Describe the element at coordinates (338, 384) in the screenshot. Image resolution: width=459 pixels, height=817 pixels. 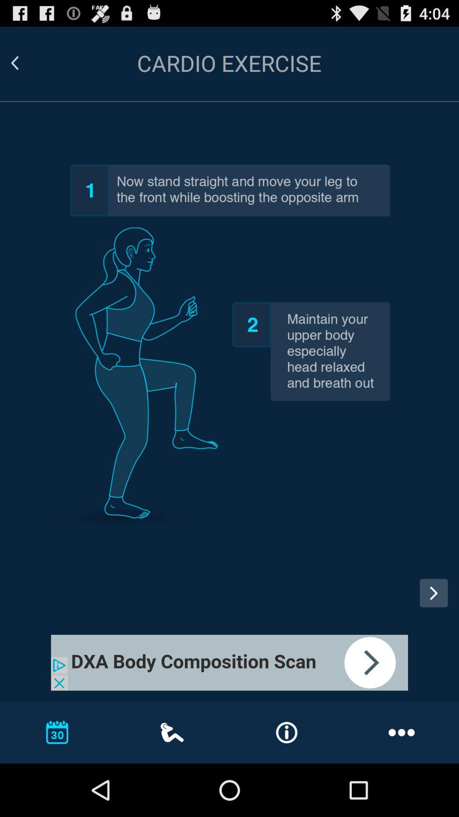
I see `the date_range icon` at that location.